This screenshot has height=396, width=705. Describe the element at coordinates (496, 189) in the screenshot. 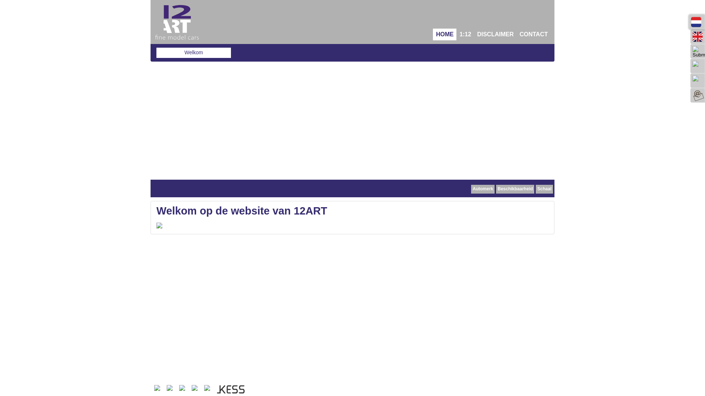

I see `'Beschikbaarheid'` at that location.